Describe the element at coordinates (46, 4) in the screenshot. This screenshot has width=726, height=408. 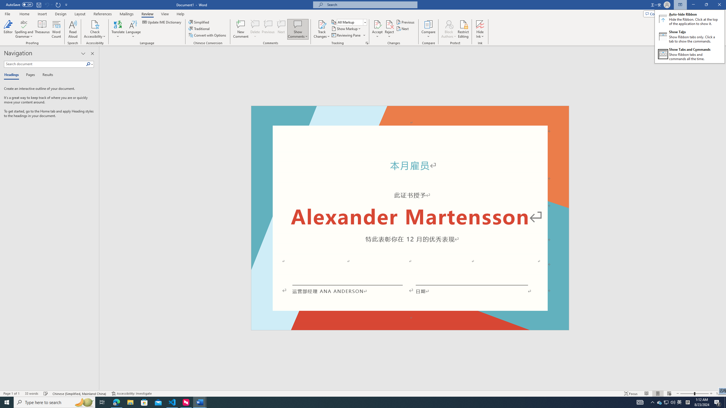
I see `'Can'` at that location.